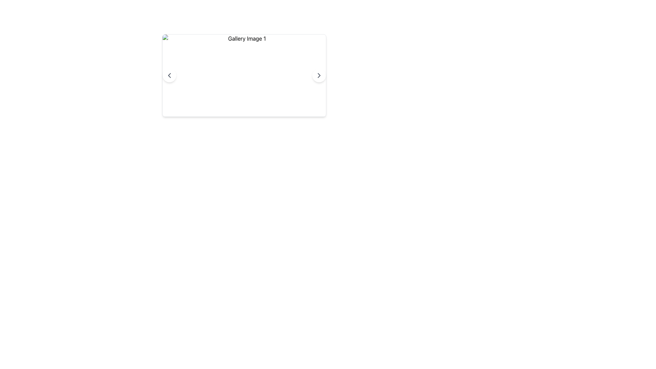 The width and height of the screenshot is (656, 369). What do you see at coordinates (319, 75) in the screenshot?
I see `the right arrow button` at bounding box center [319, 75].